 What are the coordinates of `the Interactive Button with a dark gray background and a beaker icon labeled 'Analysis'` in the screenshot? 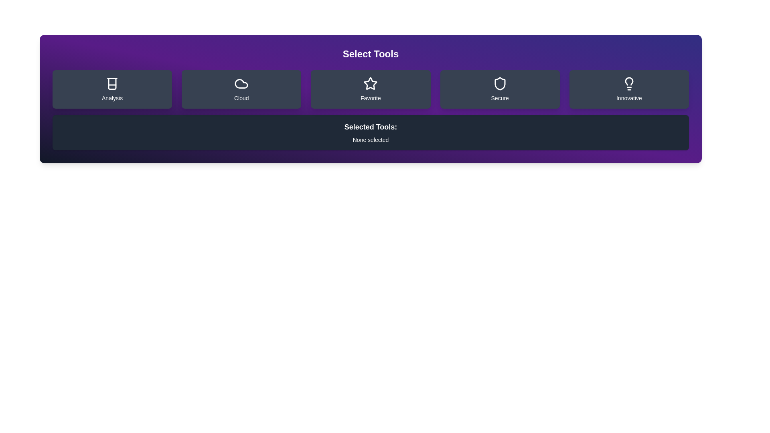 It's located at (112, 89).